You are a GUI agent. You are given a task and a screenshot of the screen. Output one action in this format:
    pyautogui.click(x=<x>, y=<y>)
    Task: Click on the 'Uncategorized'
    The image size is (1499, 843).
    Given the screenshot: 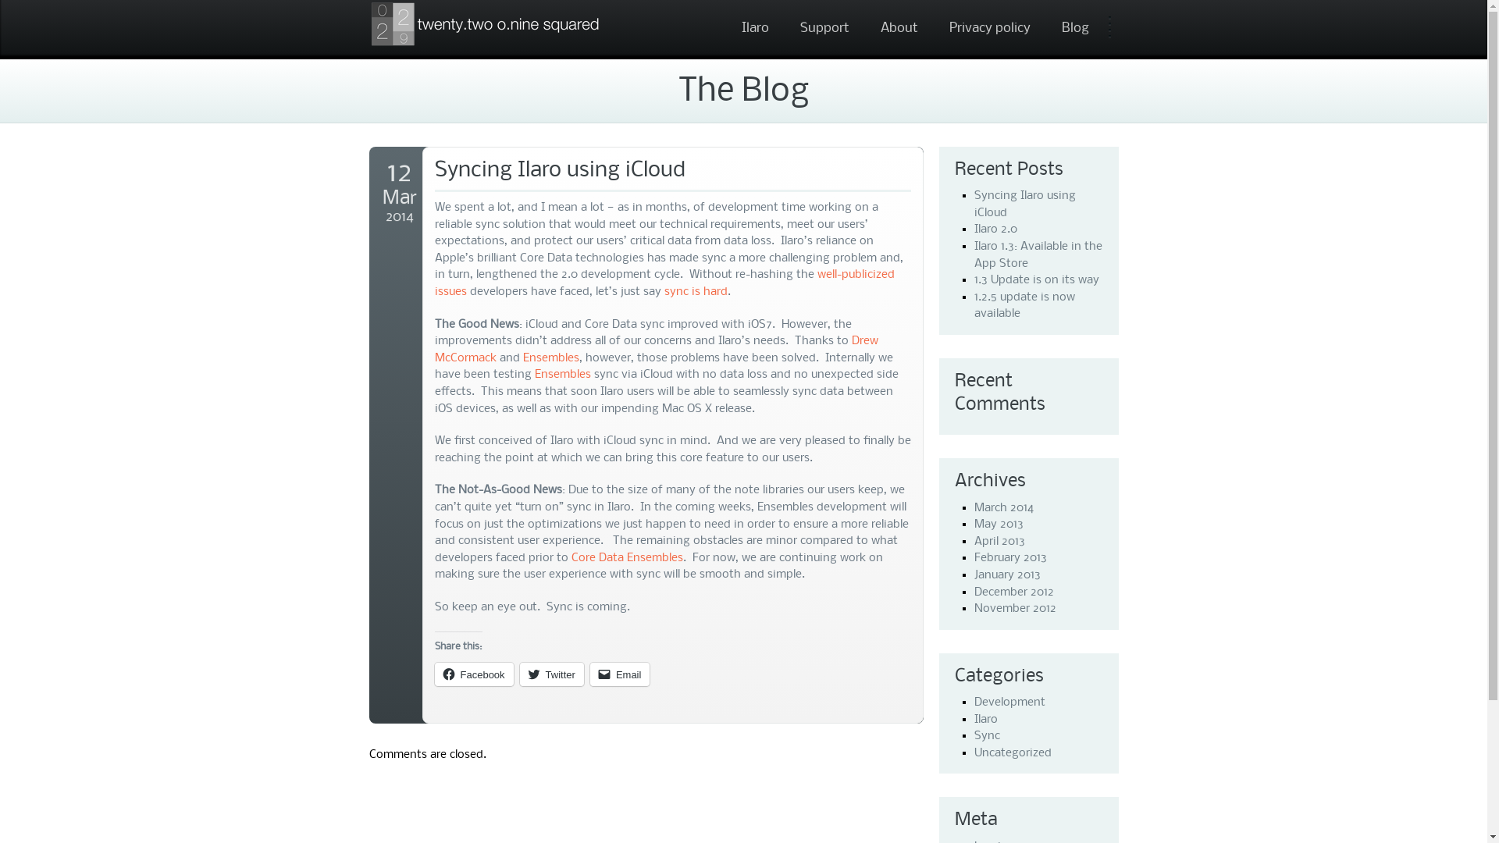 What is the action you would take?
    pyautogui.click(x=1013, y=752)
    